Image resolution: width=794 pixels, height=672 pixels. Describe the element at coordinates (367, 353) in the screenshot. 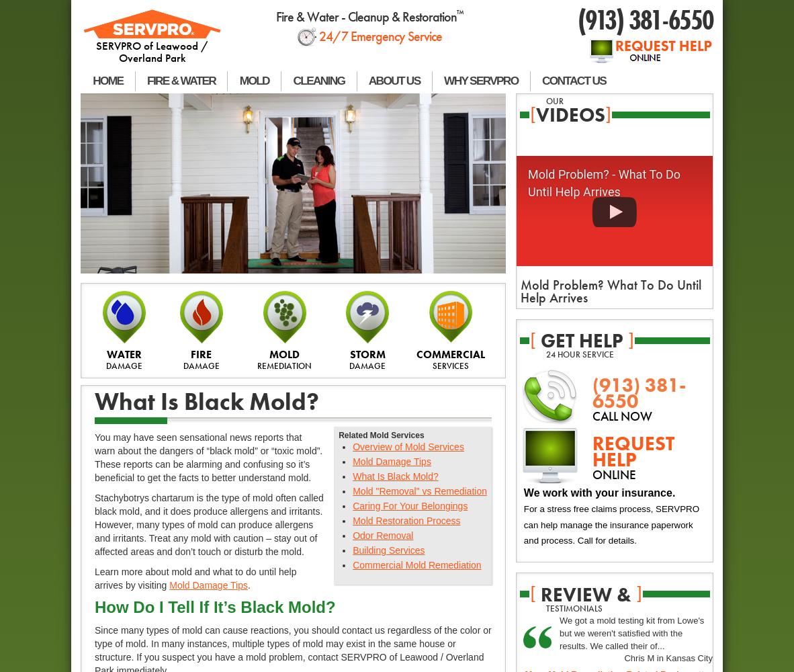

I see `'STORM'` at that location.